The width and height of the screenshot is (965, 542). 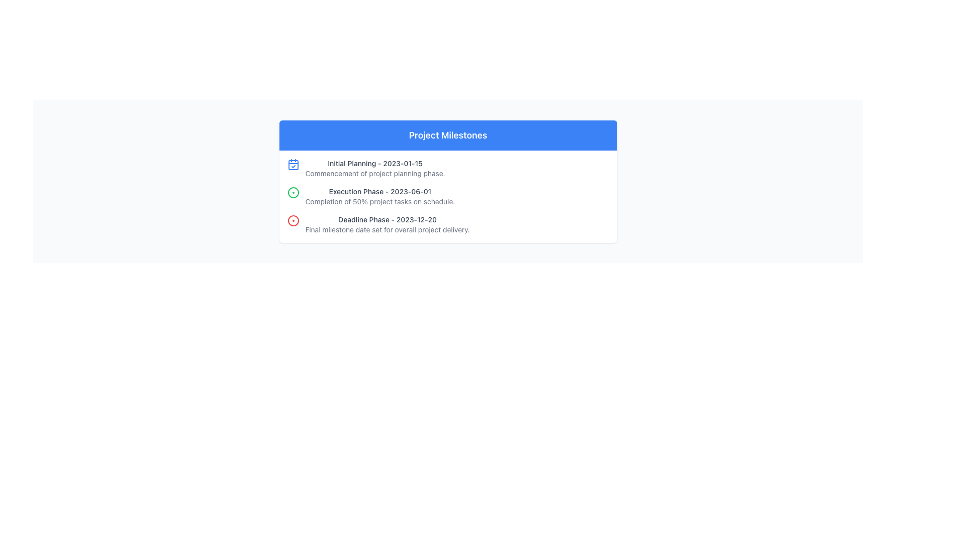 I want to click on the circular indicator icon representing the 'Execution Phase' milestone, so click(x=293, y=193).